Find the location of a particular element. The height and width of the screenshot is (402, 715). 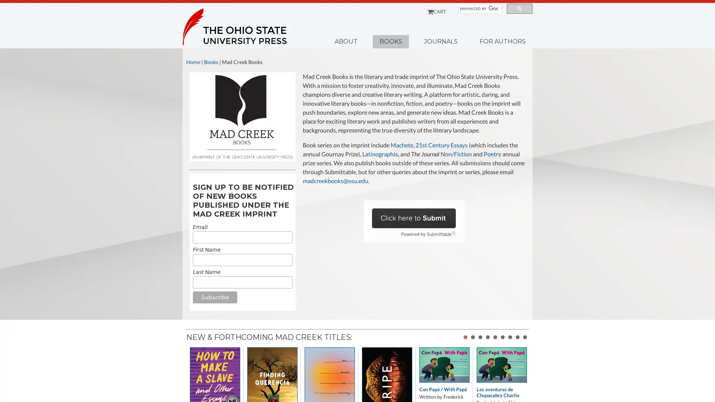

8 is located at coordinates (517, 337).